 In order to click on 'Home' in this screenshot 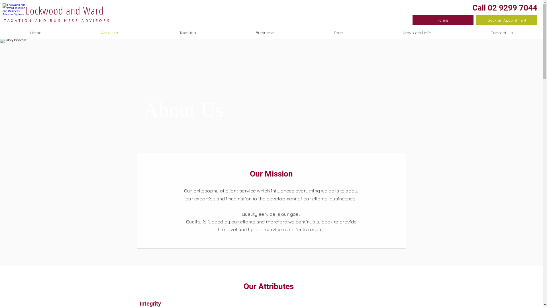, I will do `click(35, 33)`.